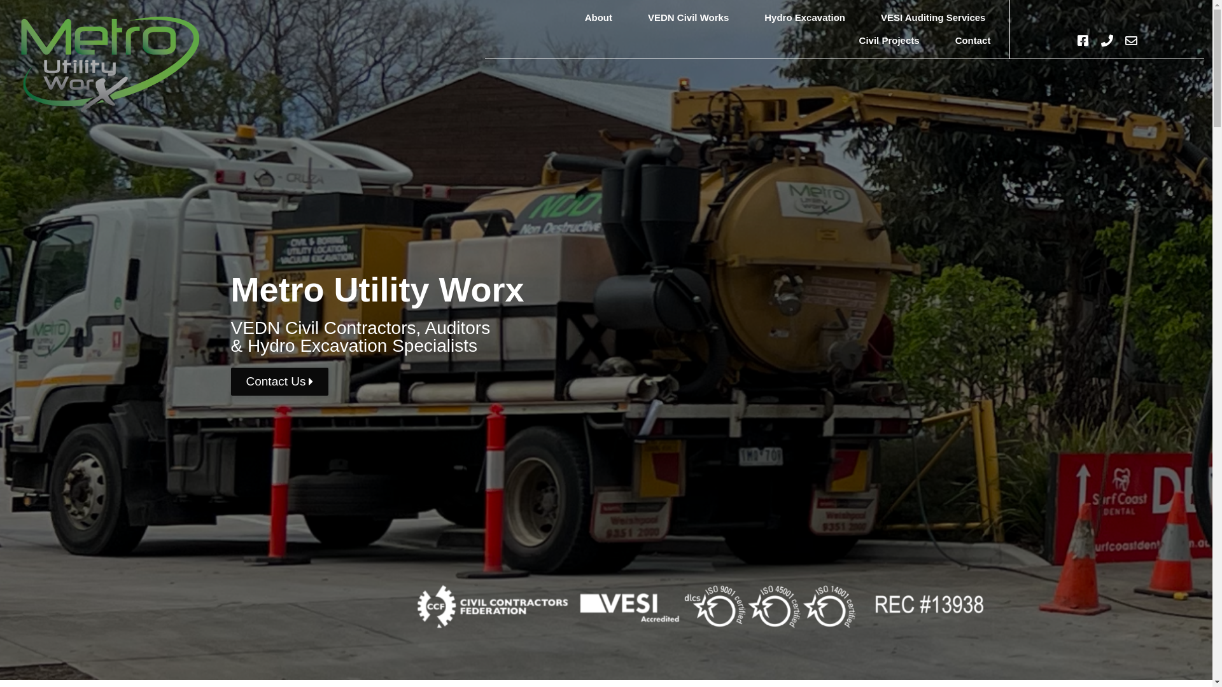 This screenshot has height=687, width=1222. What do you see at coordinates (278, 381) in the screenshot?
I see `'Contact Us'` at bounding box center [278, 381].